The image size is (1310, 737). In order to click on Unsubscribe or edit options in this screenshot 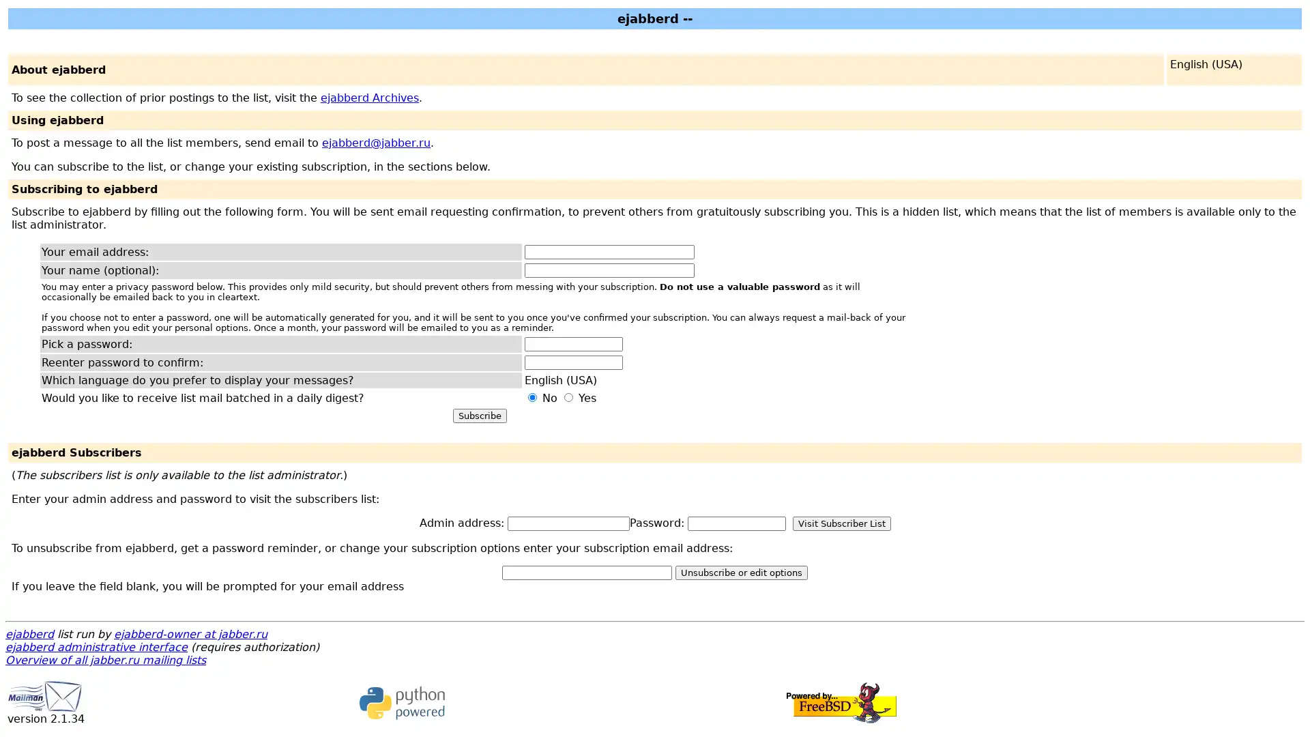, I will do `click(740, 573)`.